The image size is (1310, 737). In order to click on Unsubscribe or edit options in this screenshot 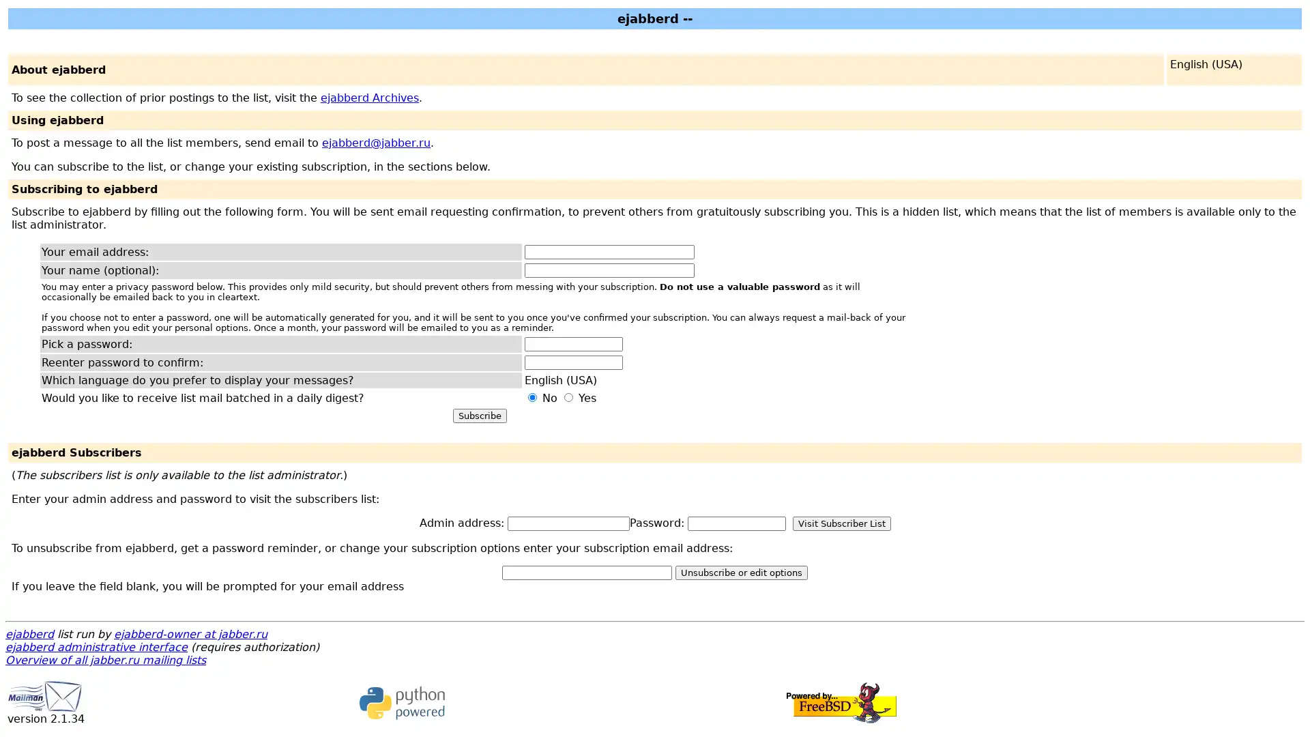, I will do `click(740, 573)`.